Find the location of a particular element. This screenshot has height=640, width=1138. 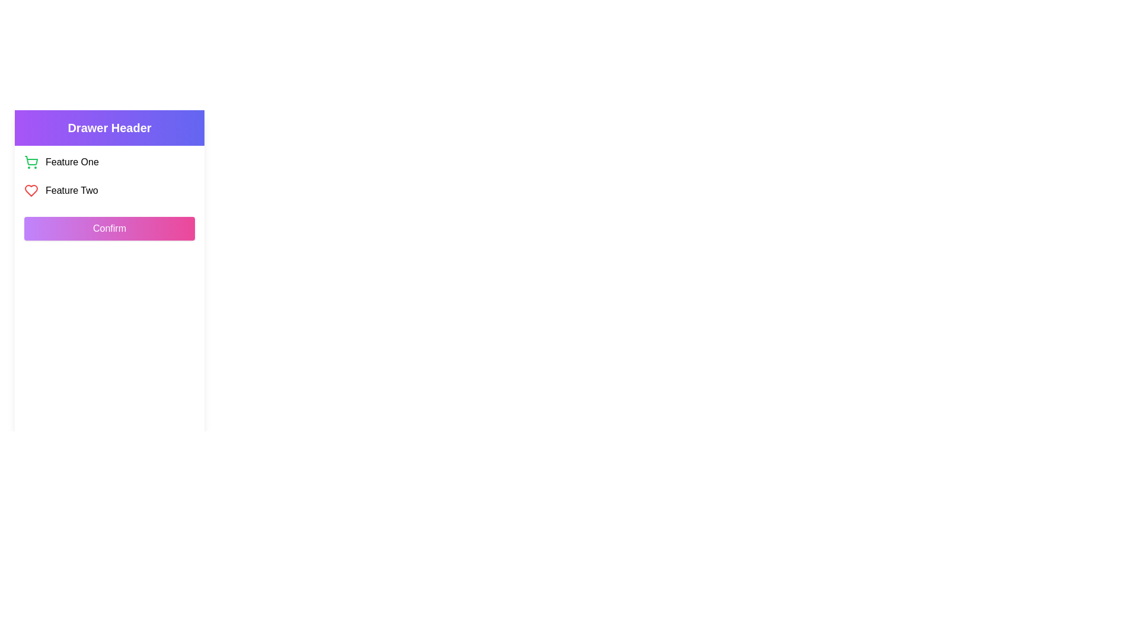

the shopping cart icon located in the header section under 'Drawer Header' as the left-most item in 'Feature One' group is located at coordinates (31, 162).